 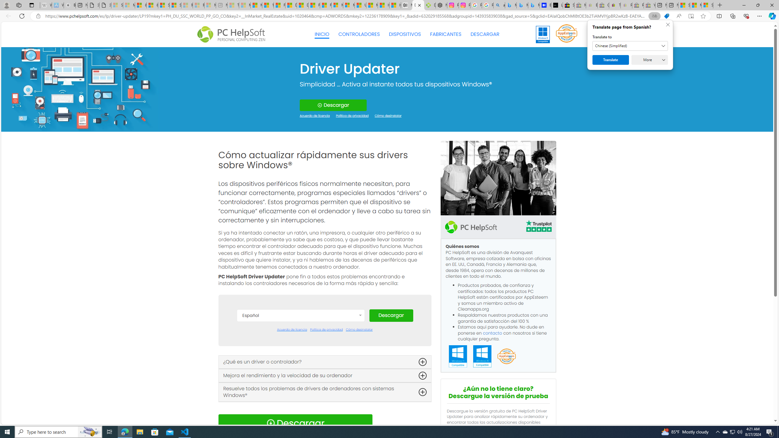 I want to click on 'App Esteem', so click(x=506, y=356).